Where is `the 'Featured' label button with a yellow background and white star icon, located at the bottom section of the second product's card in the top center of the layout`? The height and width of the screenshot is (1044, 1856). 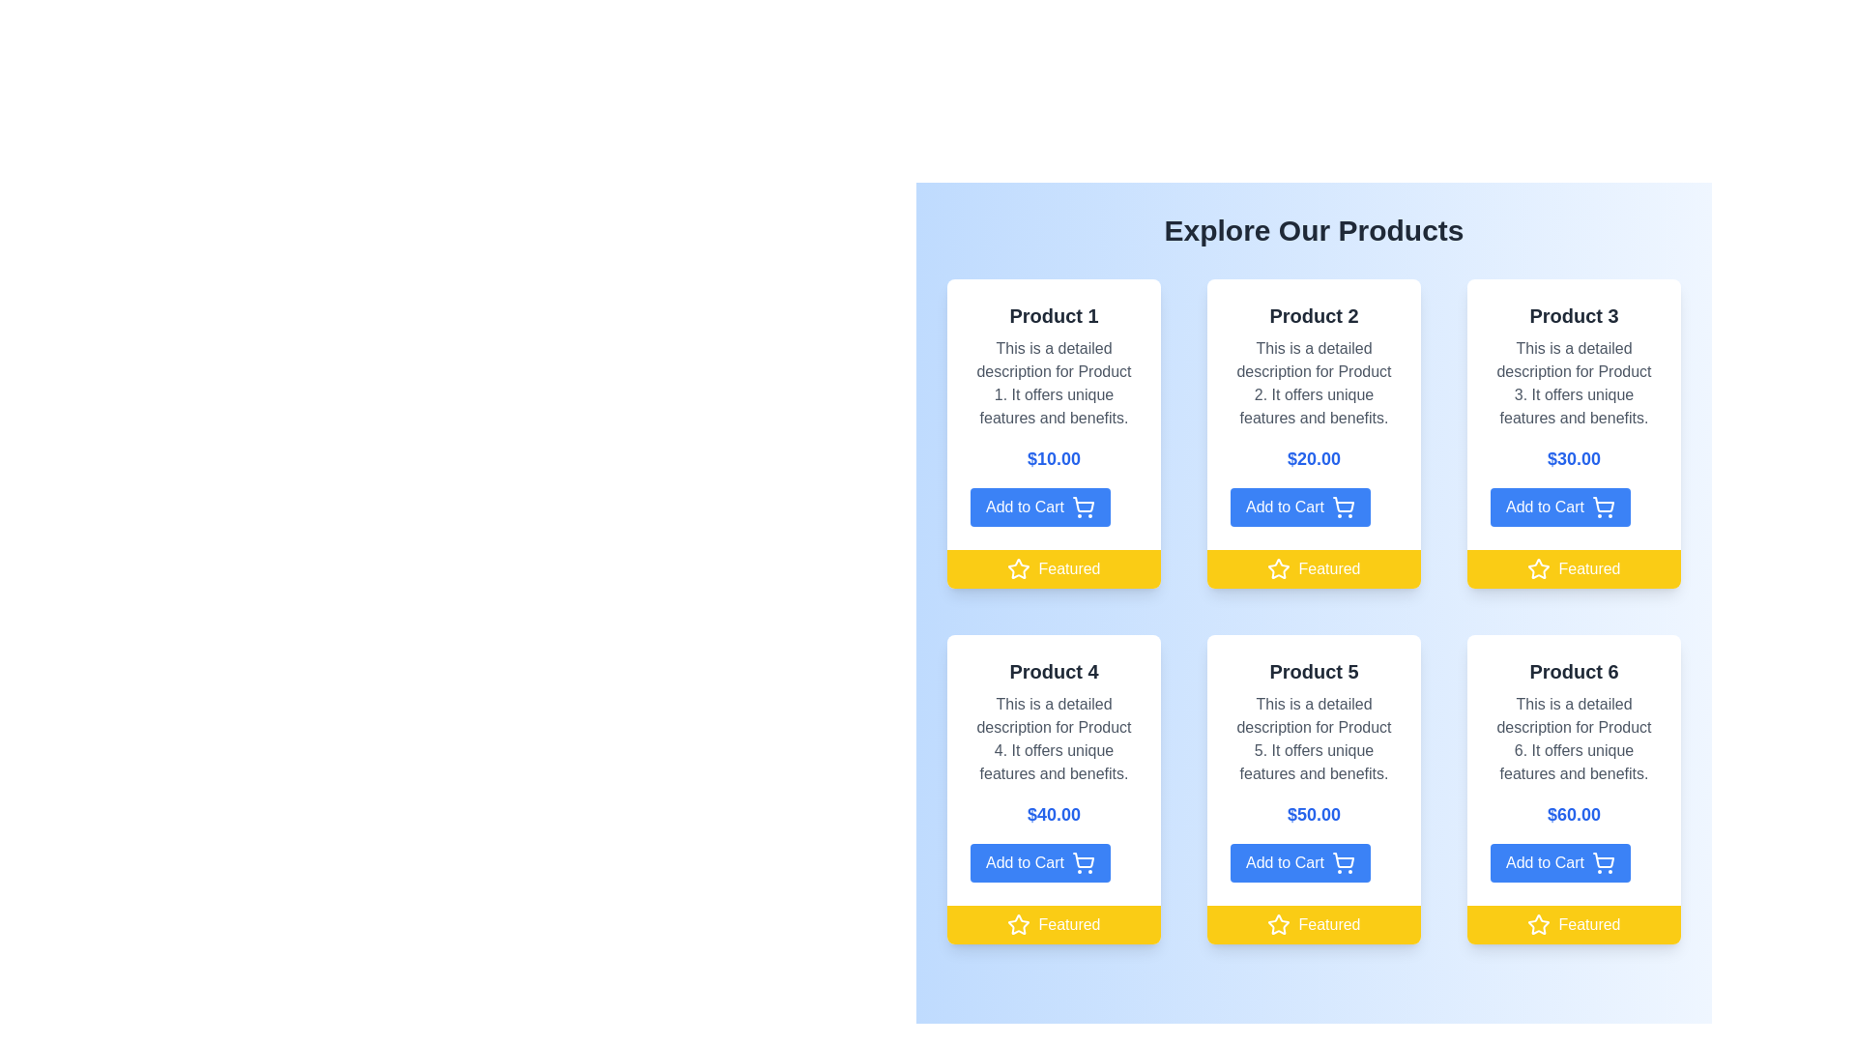 the 'Featured' label button with a yellow background and white star icon, located at the bottom section of the second product's card in the top center of the layout is located at coordinates (1314, 568).